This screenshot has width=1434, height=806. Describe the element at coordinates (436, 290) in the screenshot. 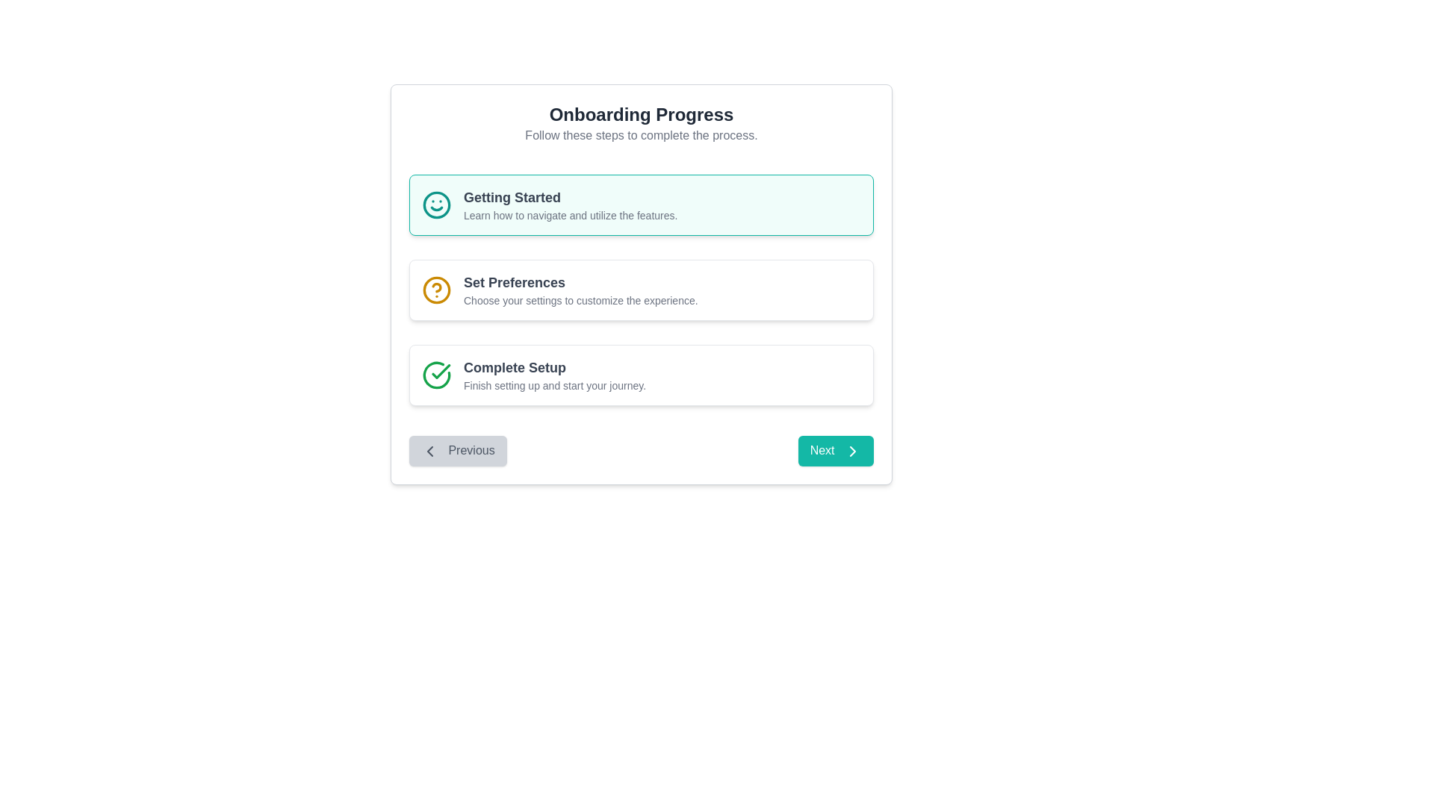

I see `the yellow circular outline surrounding the '?' symbol of the 'Set Preferences' step in the onboarding process` at that location.